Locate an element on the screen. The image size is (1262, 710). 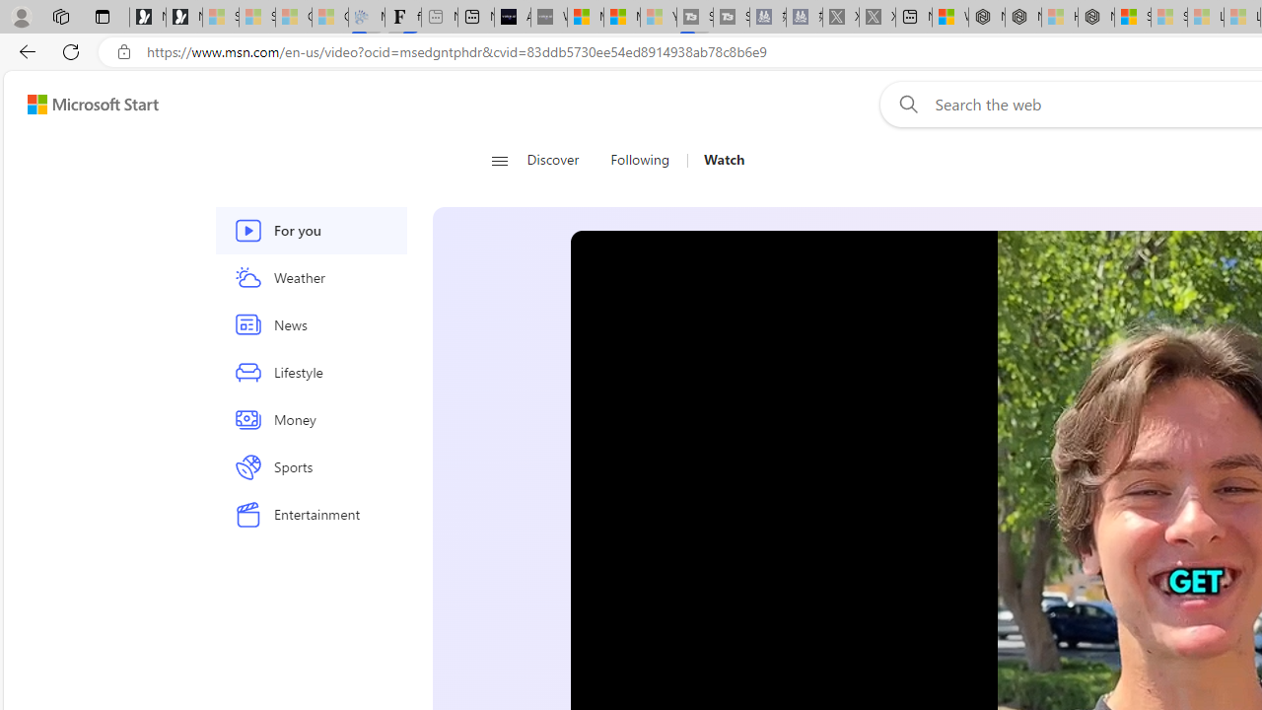
'Watch' is located at coordinates (723, 160).